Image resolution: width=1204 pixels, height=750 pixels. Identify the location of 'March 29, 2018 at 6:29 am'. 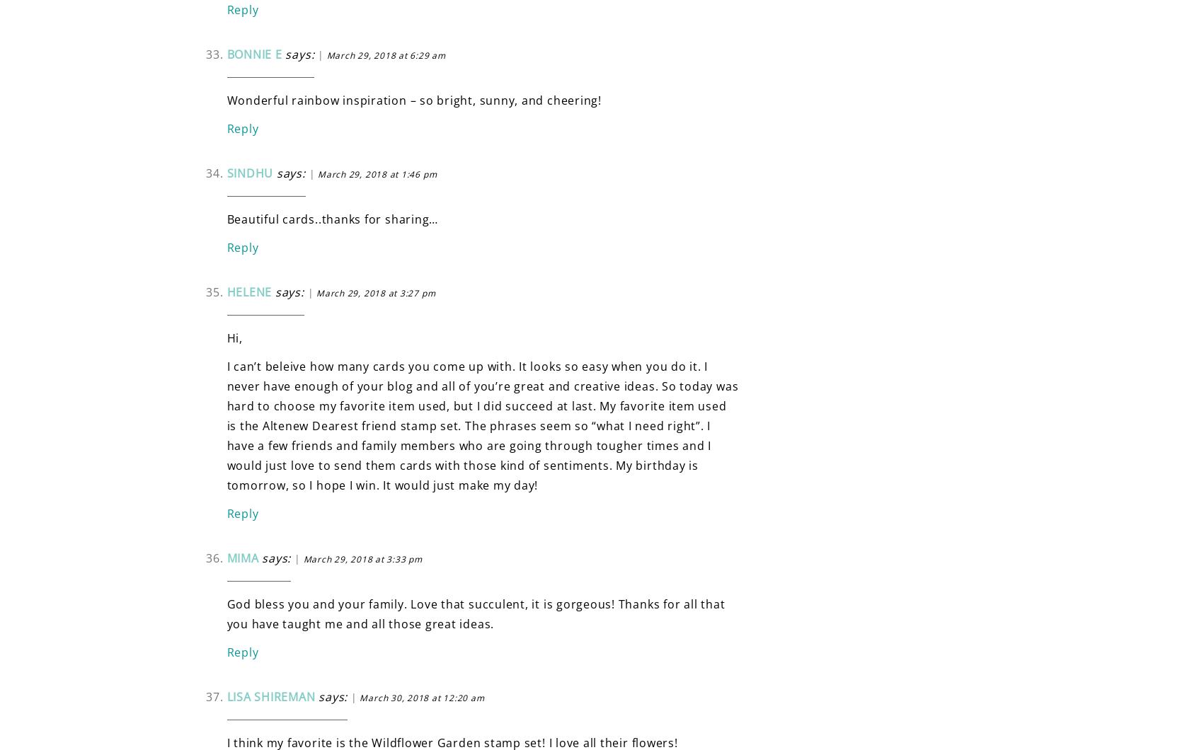
(325, 54).